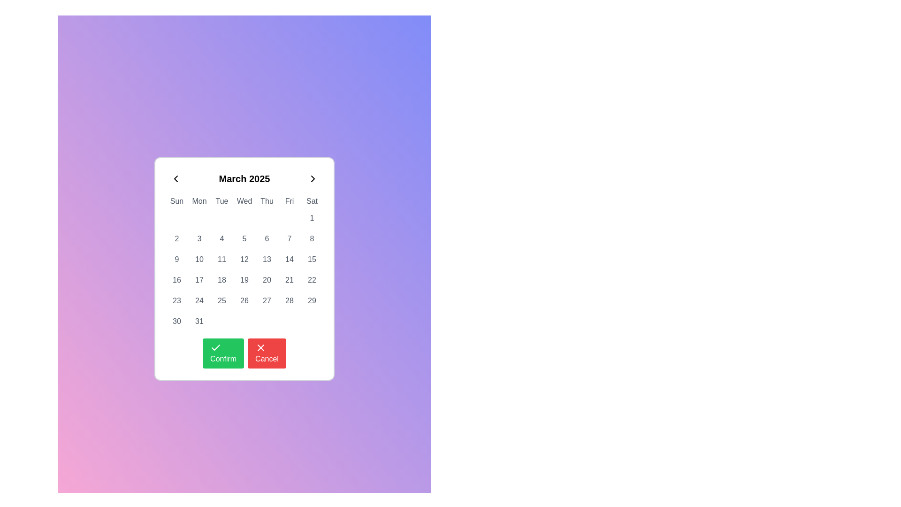 This screenshot has width=901, height=507. I want to click on the cancel button located immediately to the right of the green 'Confirm' button at the bottom center of the calendar interface to observe the hover styling effect, so click(267, 353).